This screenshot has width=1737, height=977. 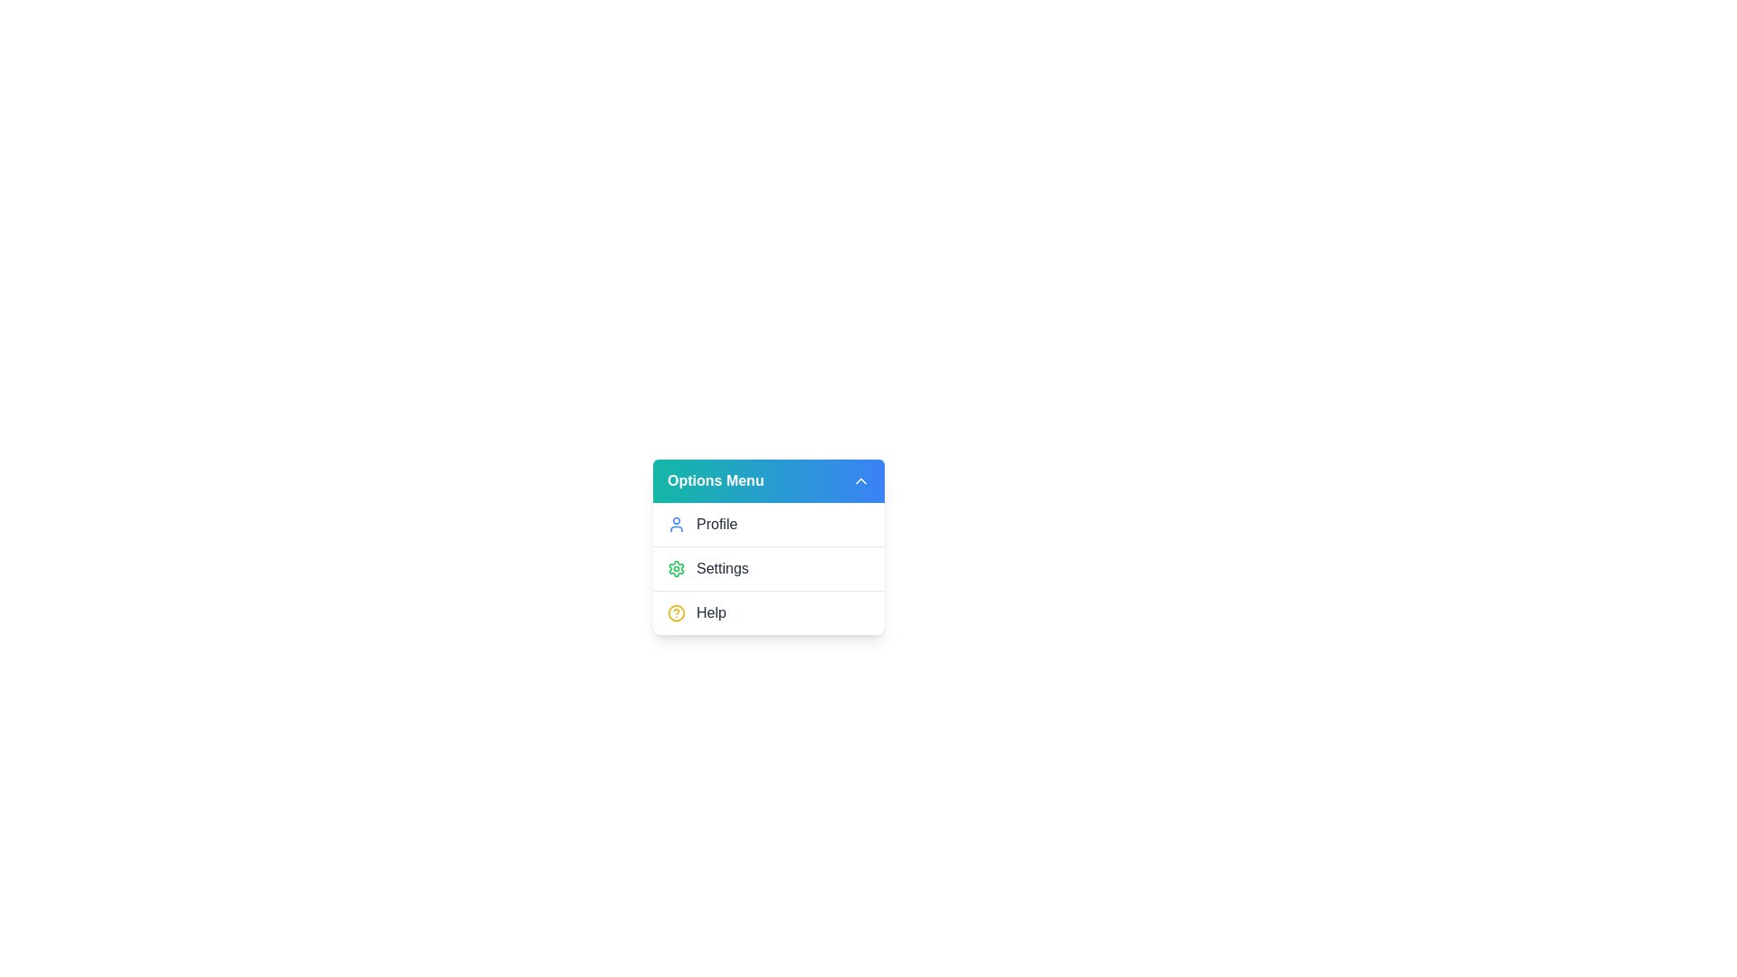 I want to click on the 'Options Menu' button to toggle the dropdown menu, so click(x=768, y=480).